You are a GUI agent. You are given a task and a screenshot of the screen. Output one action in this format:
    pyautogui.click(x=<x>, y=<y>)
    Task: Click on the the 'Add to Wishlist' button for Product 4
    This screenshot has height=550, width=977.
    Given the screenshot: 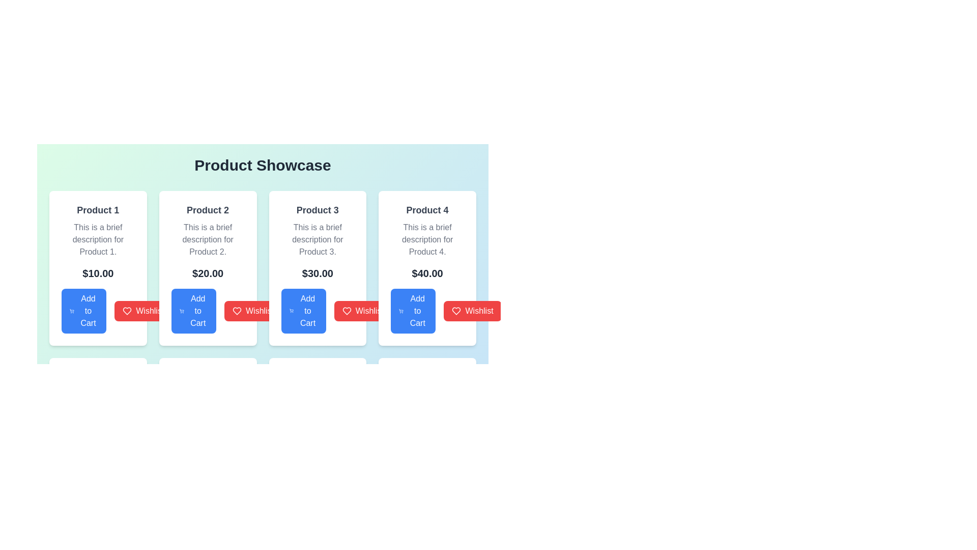 What is the action you would take?
    pyautogui.click(x=472, y=310)
    